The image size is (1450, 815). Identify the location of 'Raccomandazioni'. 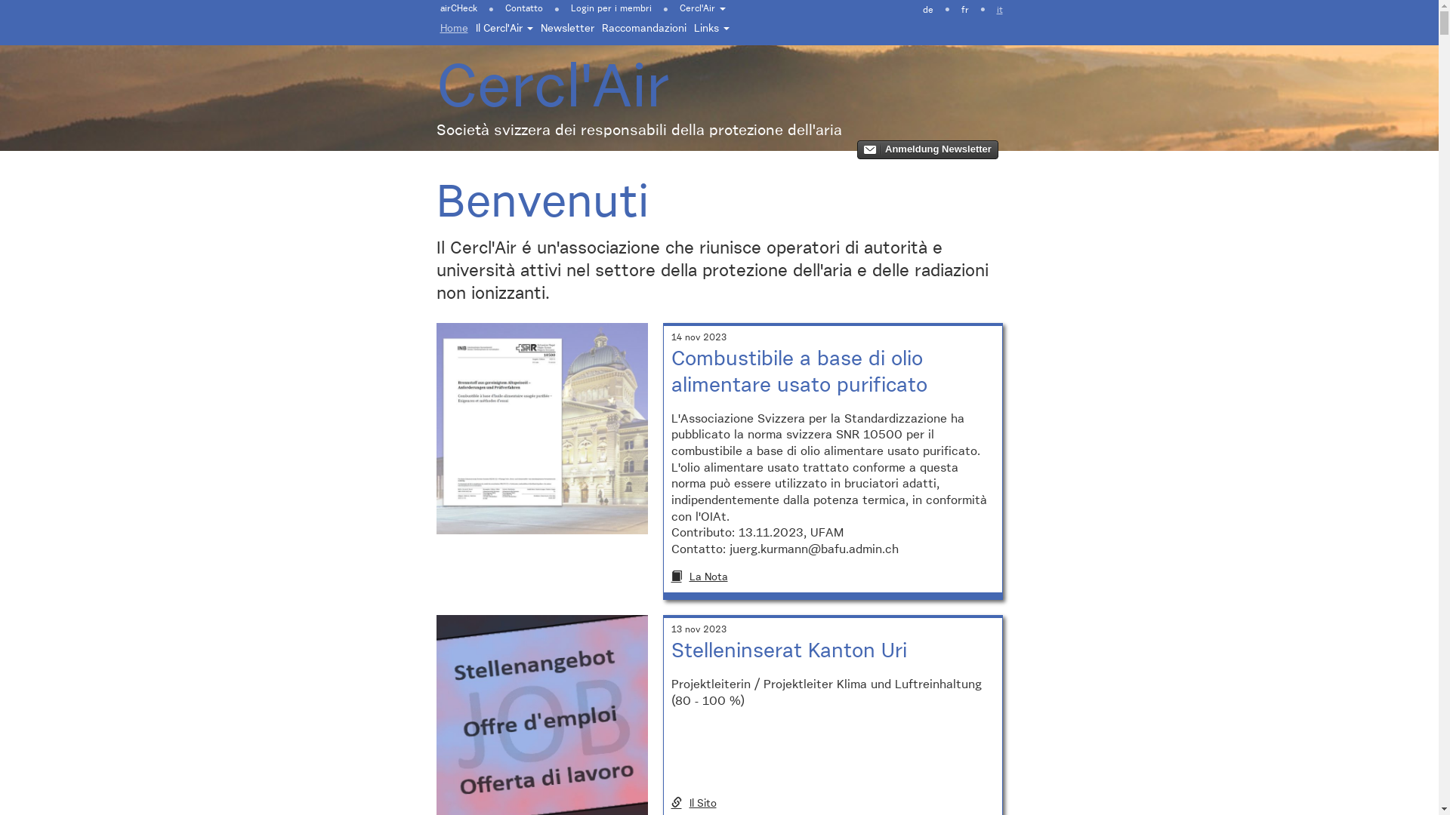
(644, 29).